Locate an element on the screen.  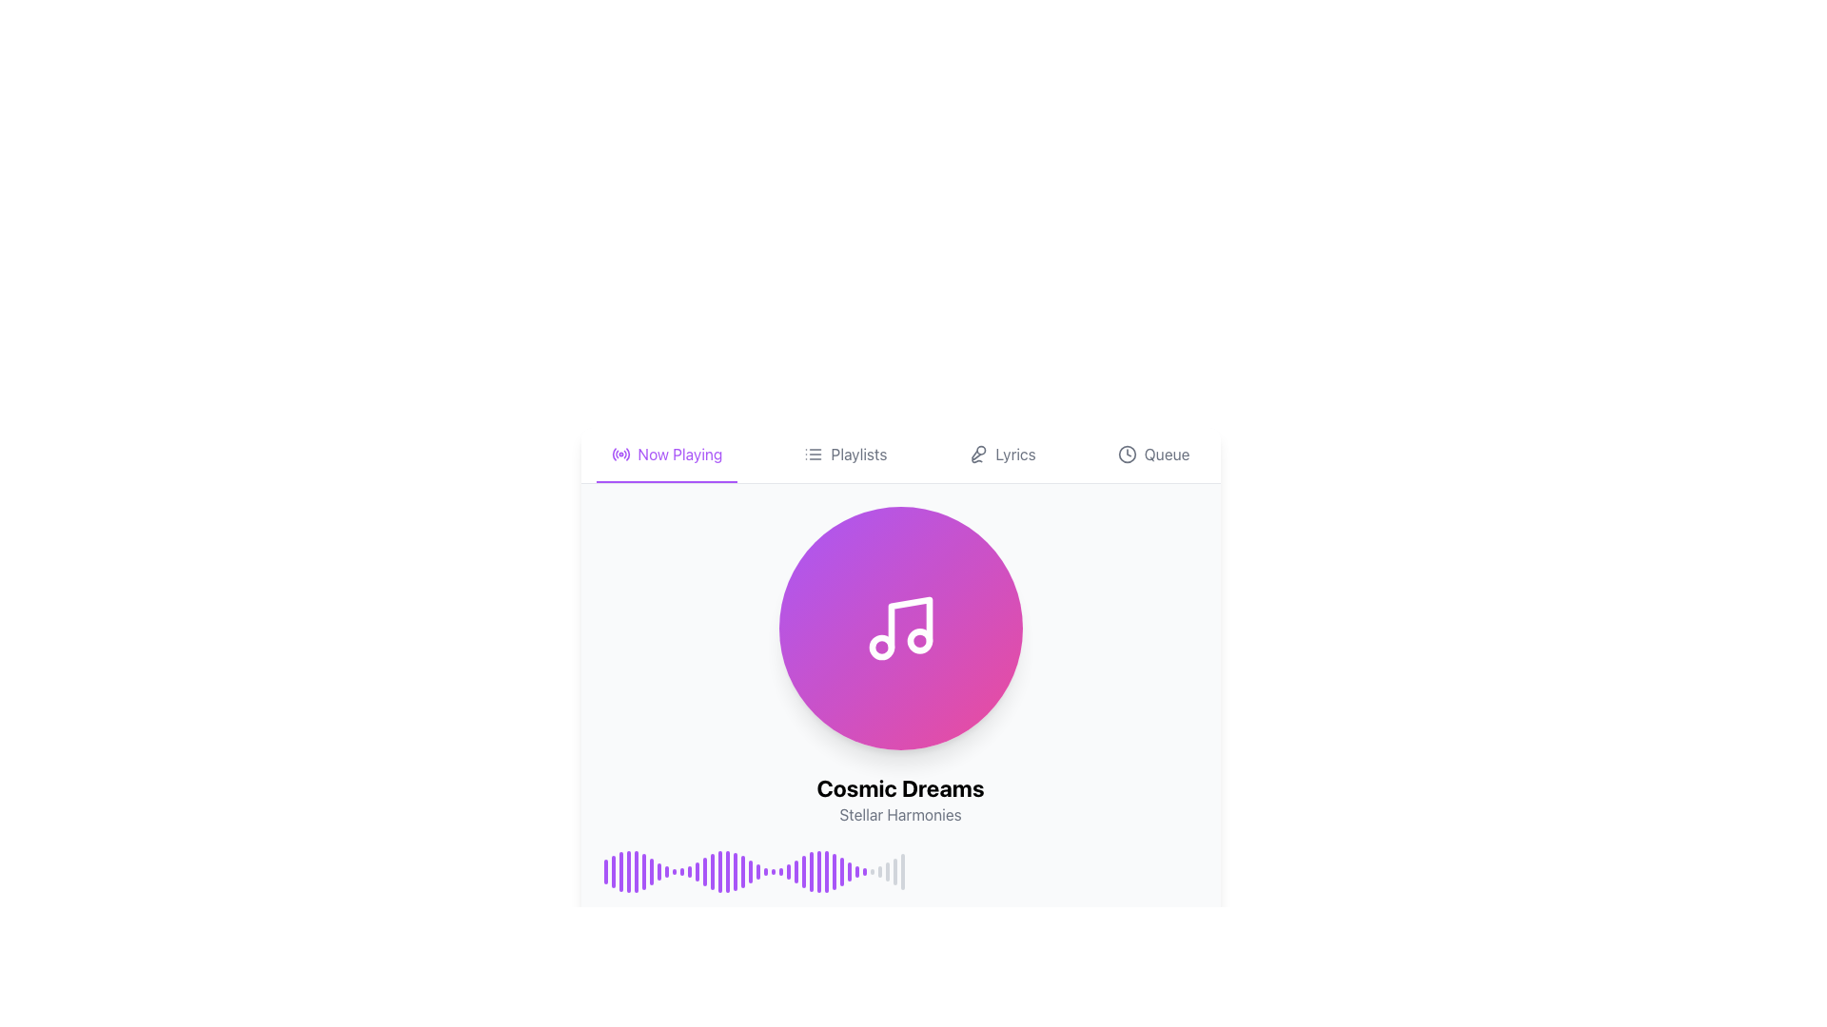
the appearance of the 22nd purple waveform bar located below the titles 'Cosmic Dreams' and 'Stellar Harmonies' is located at coordinates (765, 872).